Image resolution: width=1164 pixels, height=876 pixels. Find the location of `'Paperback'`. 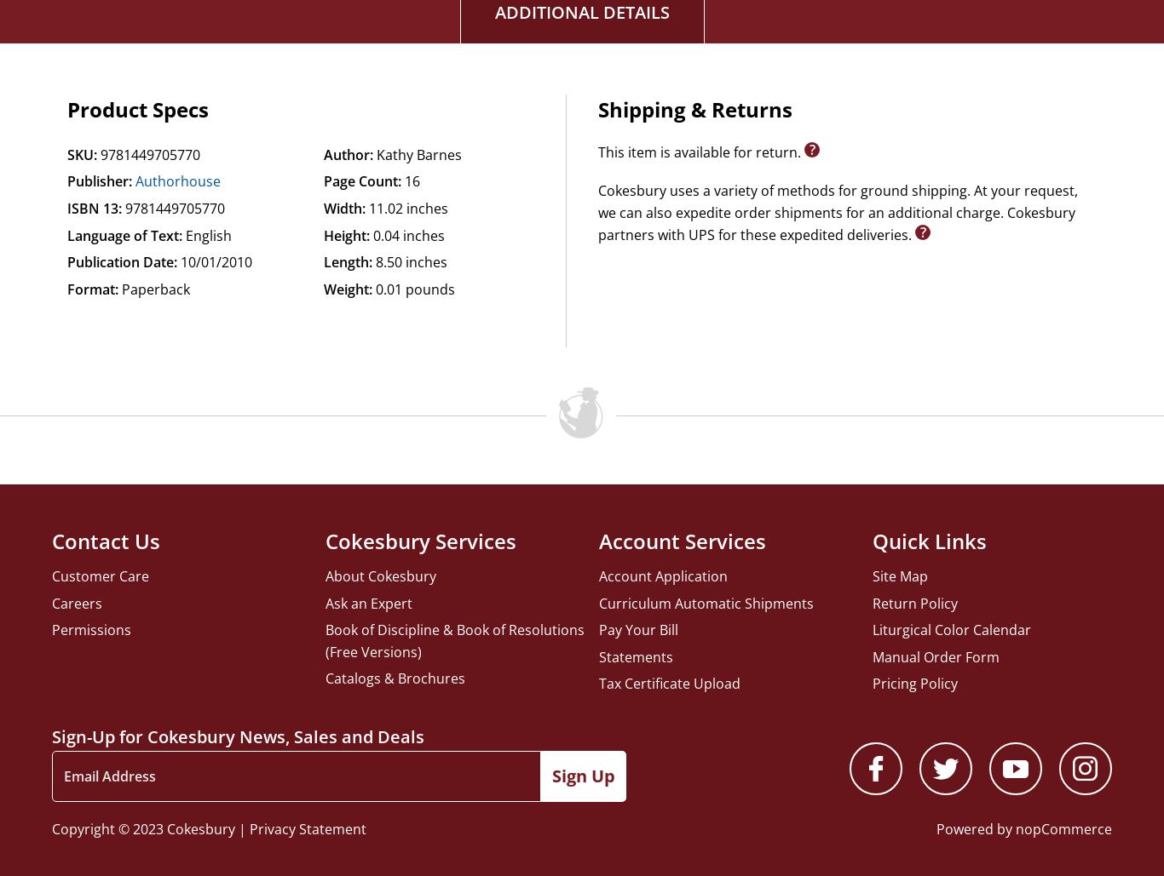

'Paperback' is located at coordinates (121, 288).